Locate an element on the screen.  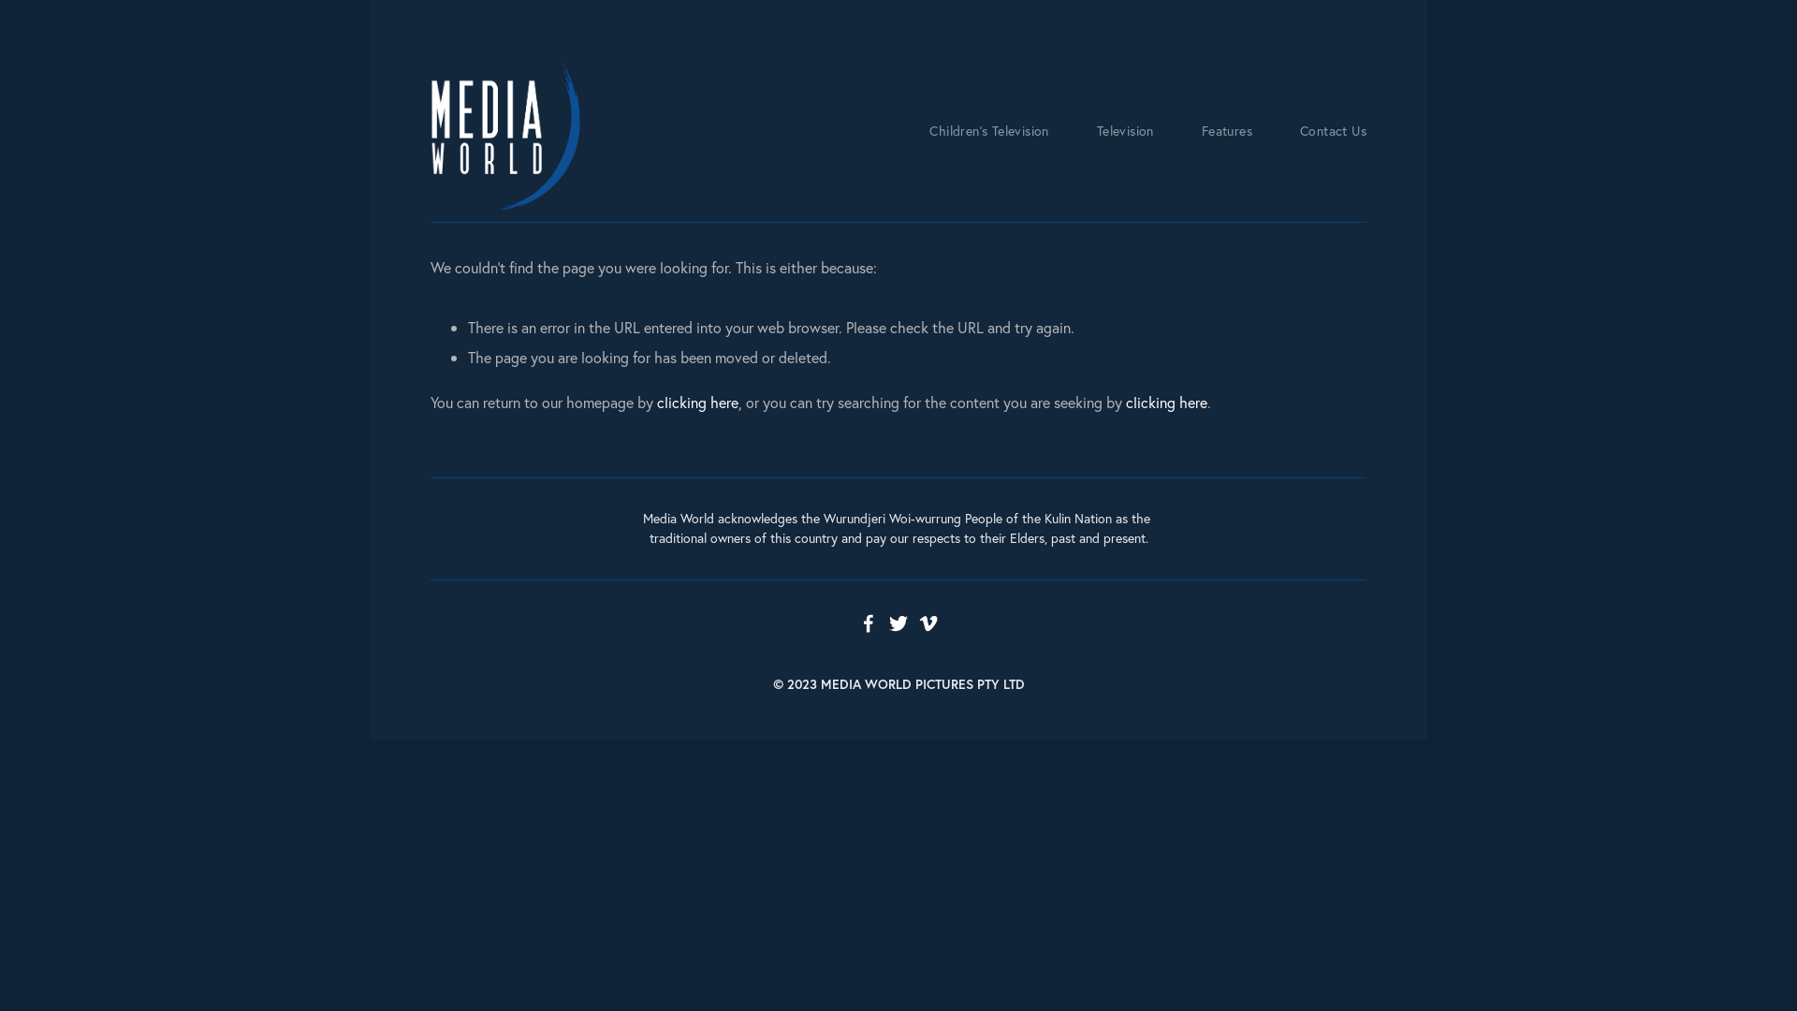
'Children's Television' is located at coordinates (987, 131).